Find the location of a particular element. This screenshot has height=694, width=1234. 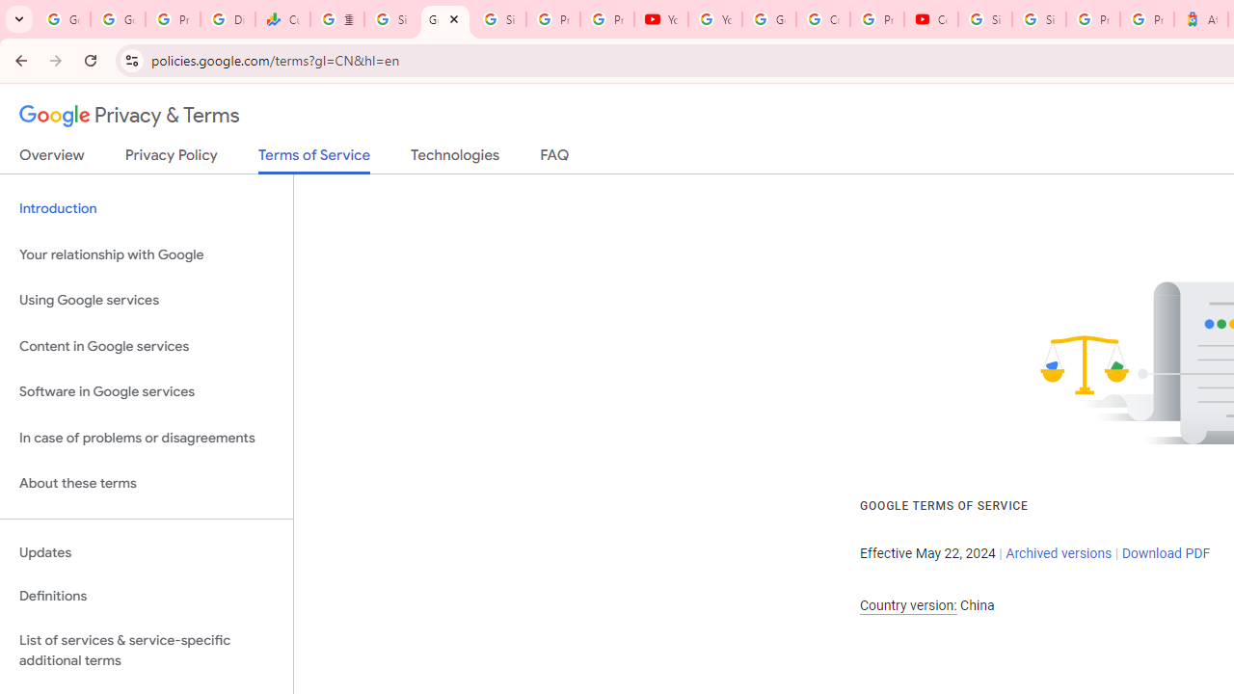

'About these terms' is located at coordinates (146, 483).